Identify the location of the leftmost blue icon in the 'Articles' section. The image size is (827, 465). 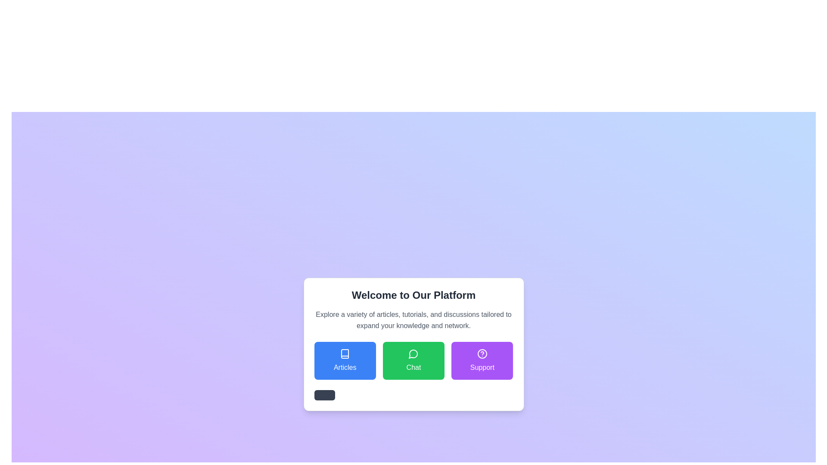
(345, 353).